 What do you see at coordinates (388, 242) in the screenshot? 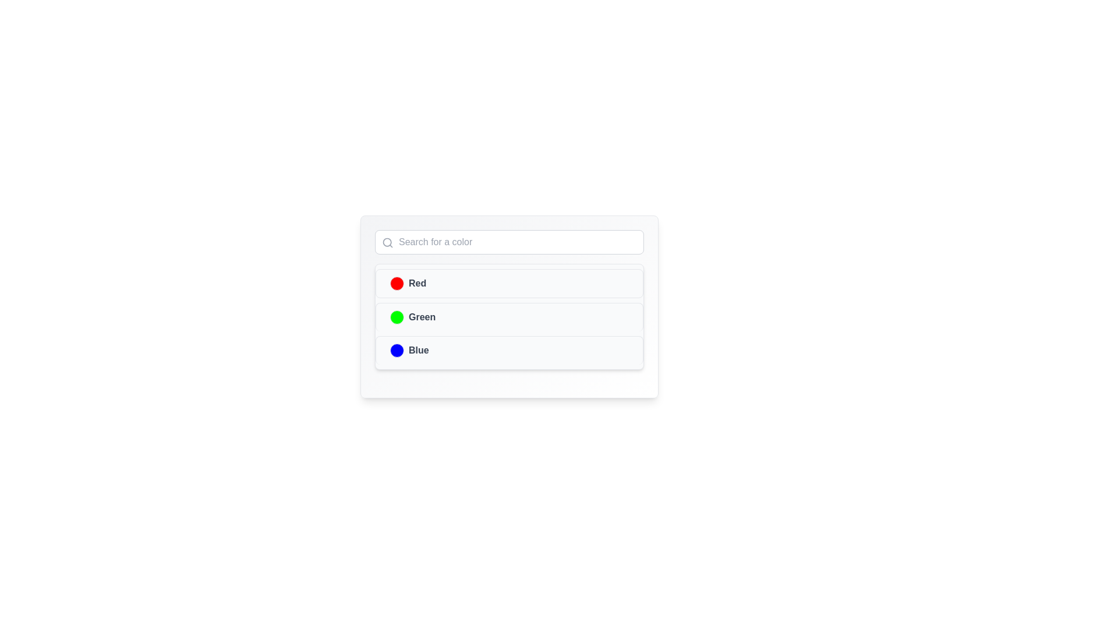
I see `the search icon that indicates the input field for 'Search for a color', positioned at the top-left area of the input box` at bounding box center [388, 242].